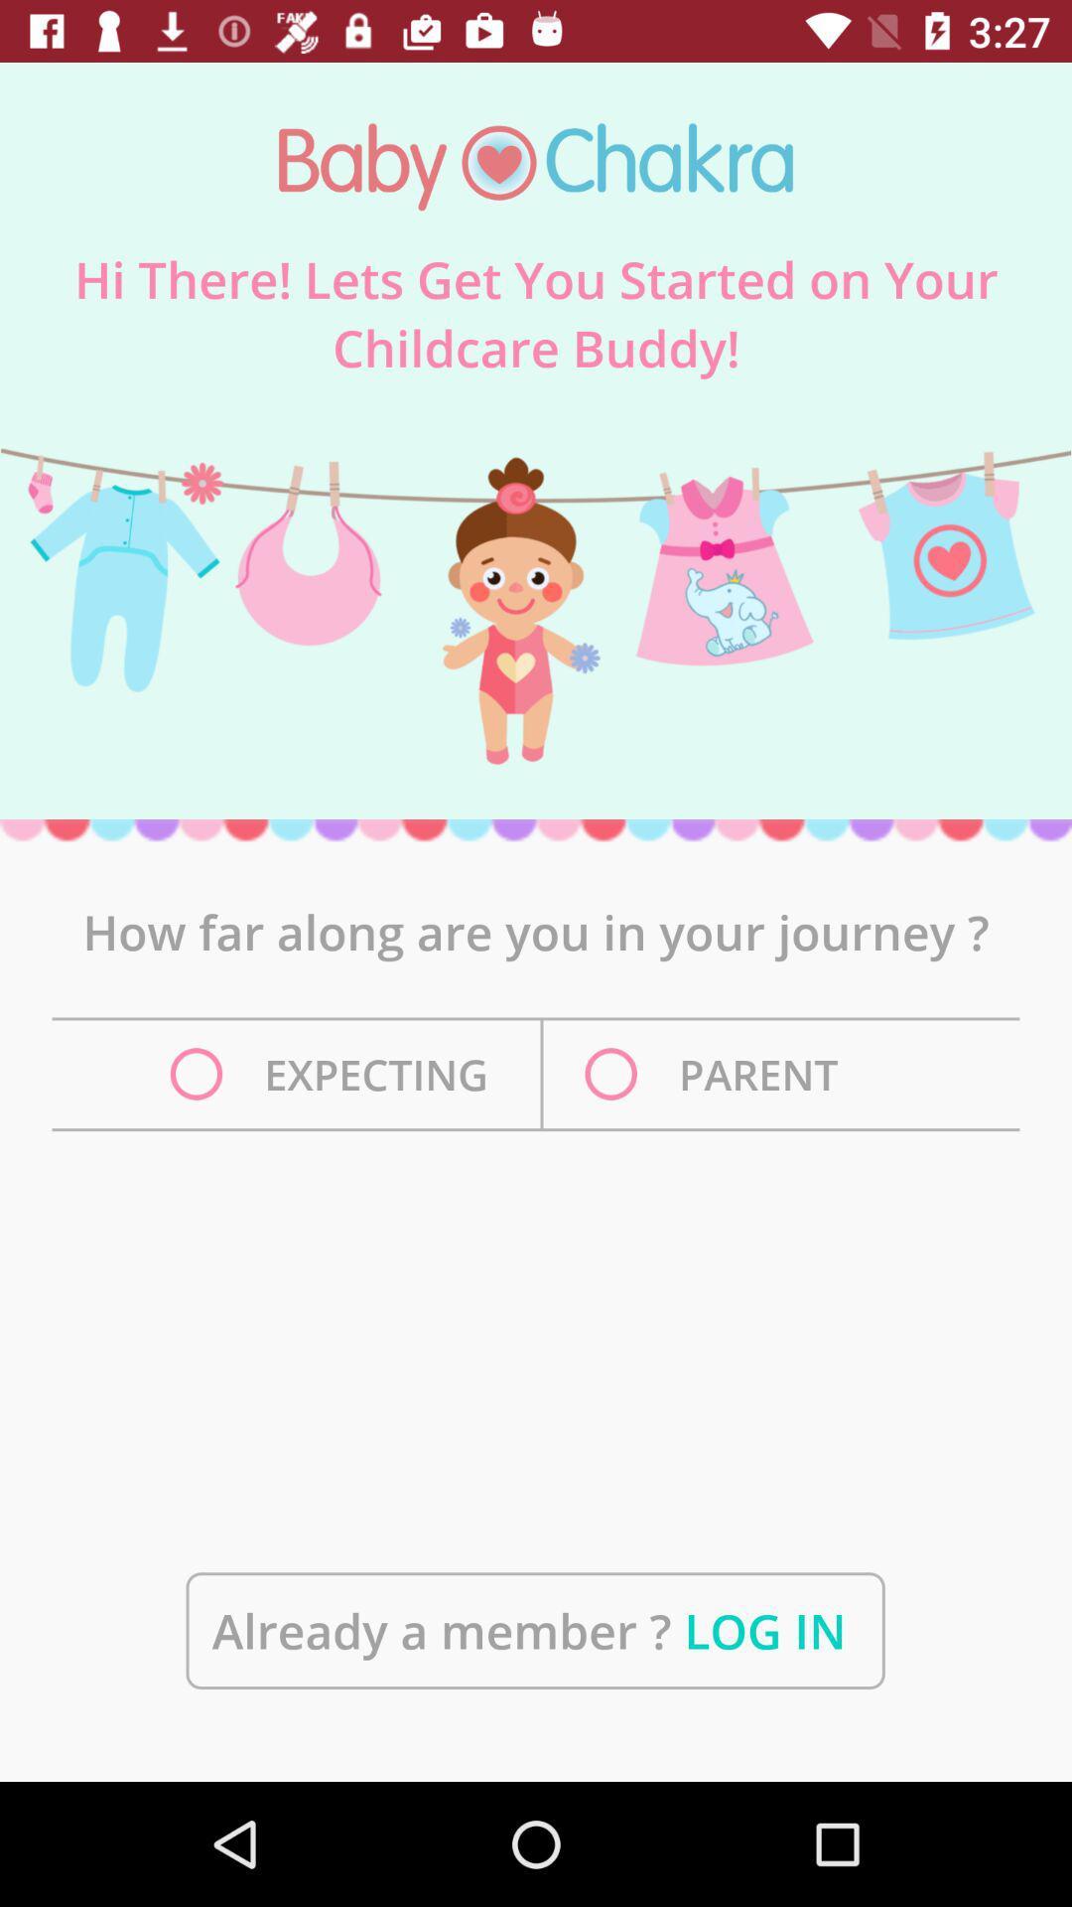  What do you see at coordinates (717, 1073) in the screenshot?
I see `parent item` at bounding box center [717, 1073].